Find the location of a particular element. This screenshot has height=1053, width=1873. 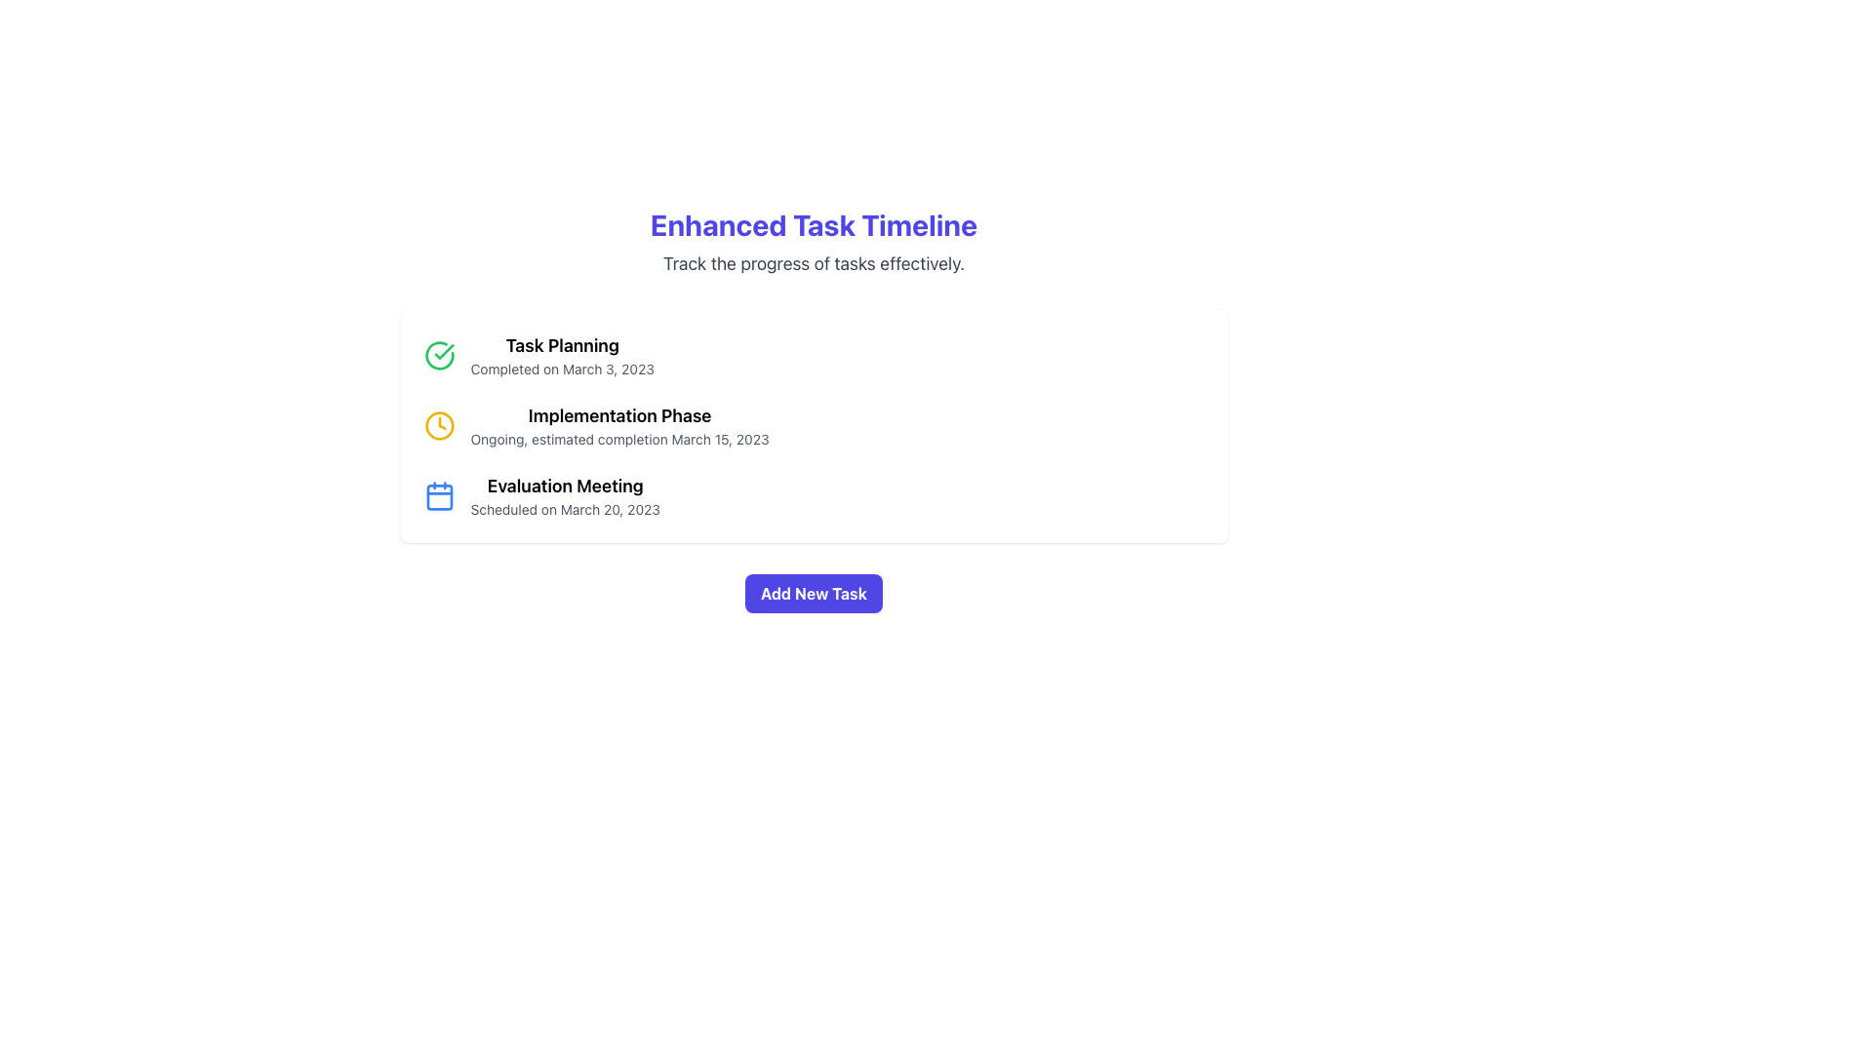

the icon representing the timing or schedule-related nature of the 'Implementation Phase' task, located in the second row under 'Enhanced Task Timeline' is located at coordinates (438, 424).